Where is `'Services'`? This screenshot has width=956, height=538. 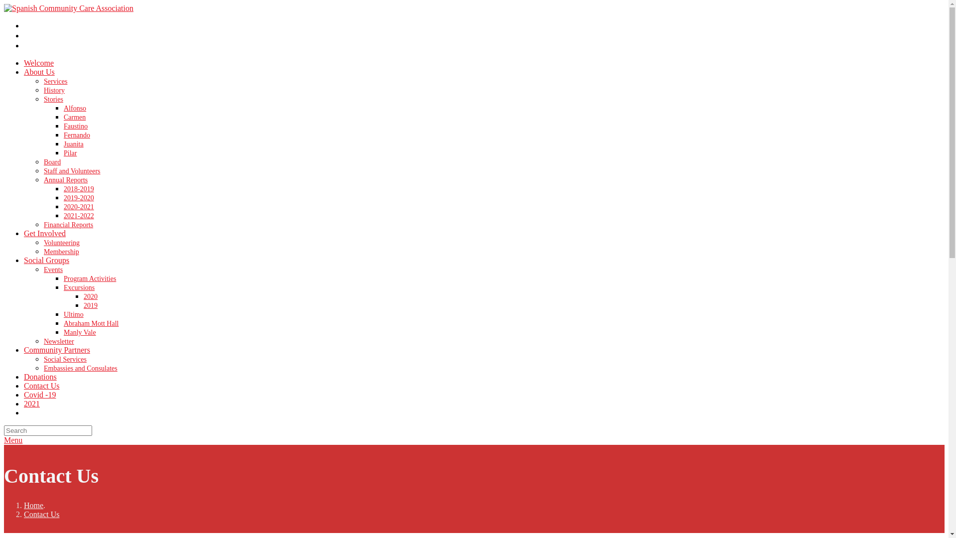 'Services' is located at coordinates (55, 81).